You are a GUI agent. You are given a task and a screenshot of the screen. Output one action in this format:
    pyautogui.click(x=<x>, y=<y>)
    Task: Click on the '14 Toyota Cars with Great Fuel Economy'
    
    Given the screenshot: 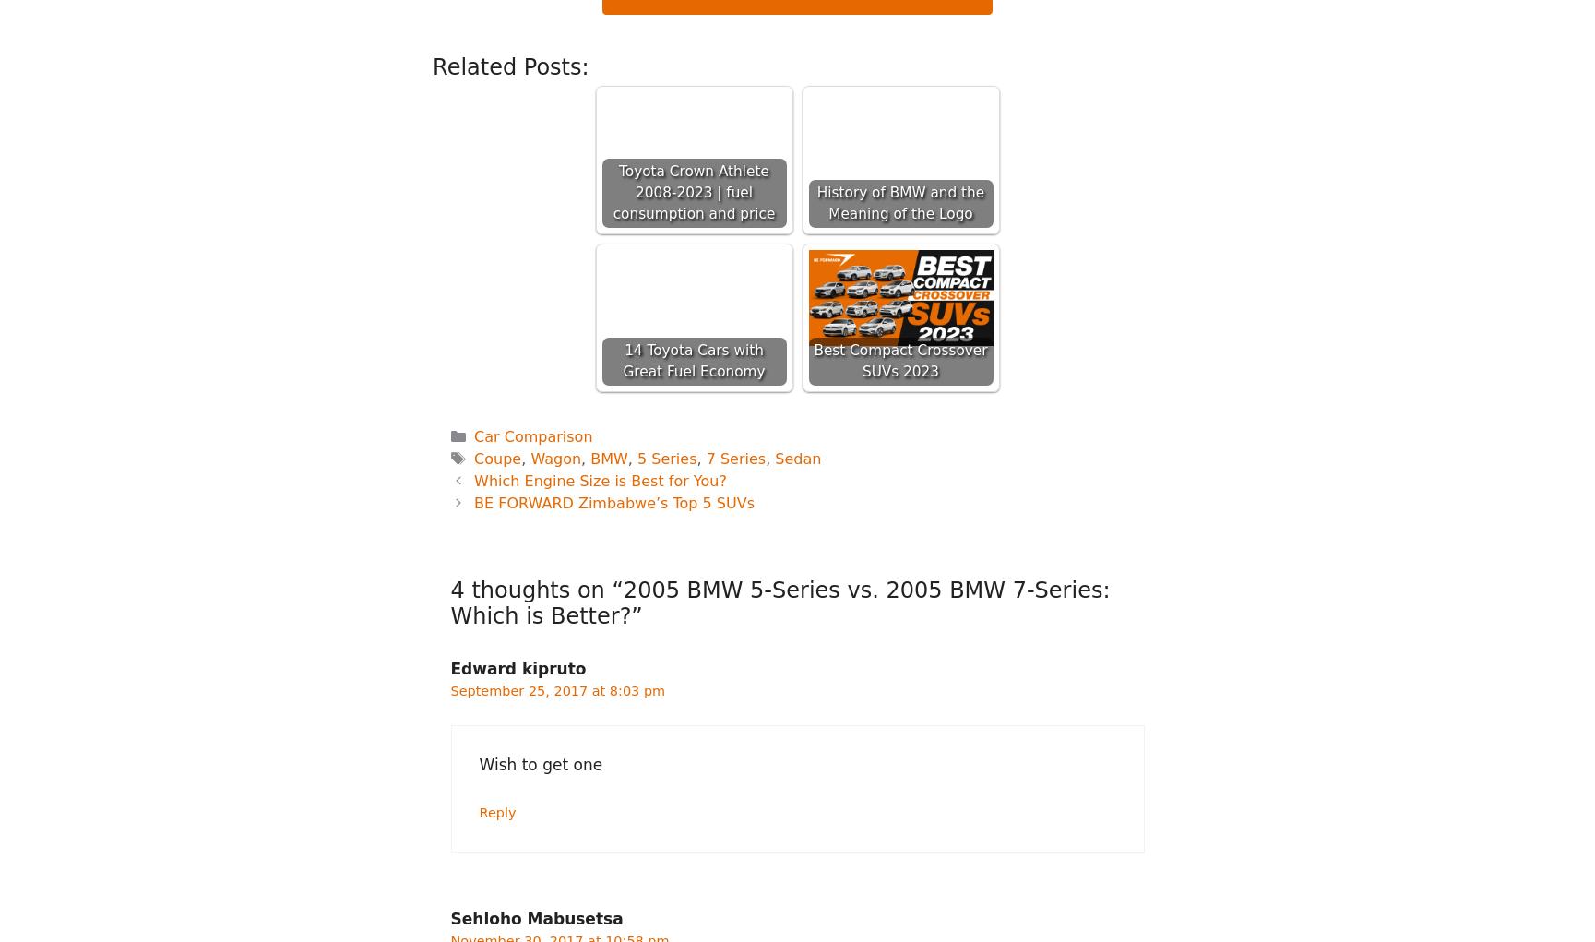 What is the action you would take?
    pyautogui.click(x=622, y=360)
    